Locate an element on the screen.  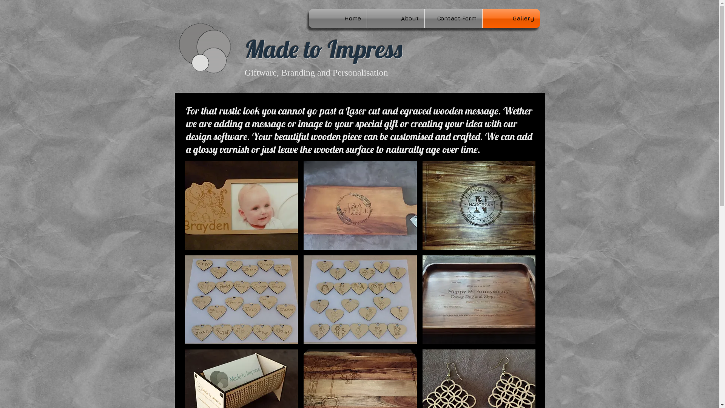
'Clipboard02.gif' is located at coordinates (204, 48).